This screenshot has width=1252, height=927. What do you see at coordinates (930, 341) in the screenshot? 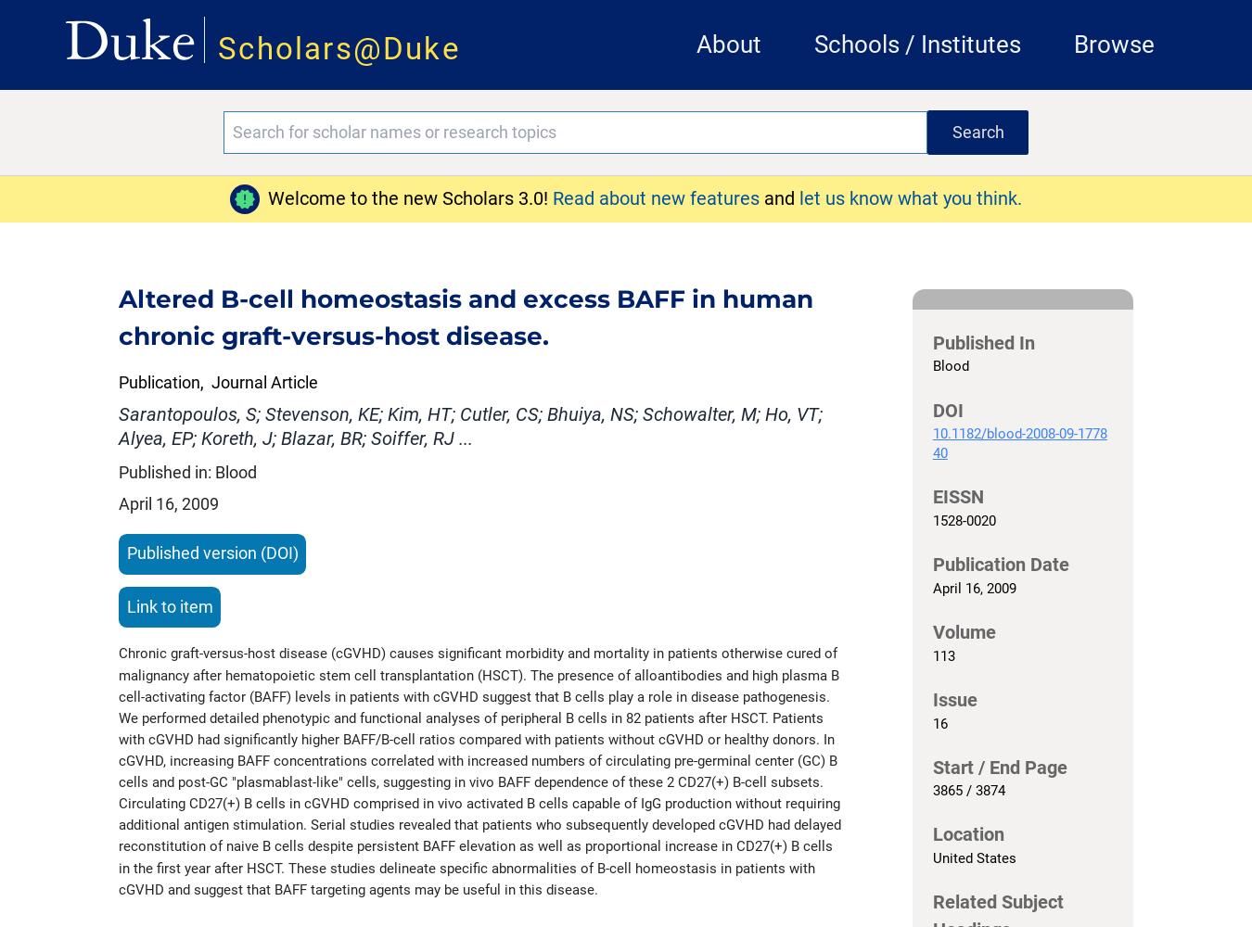
I see `'Published In'` at bounding box center [930, 341].